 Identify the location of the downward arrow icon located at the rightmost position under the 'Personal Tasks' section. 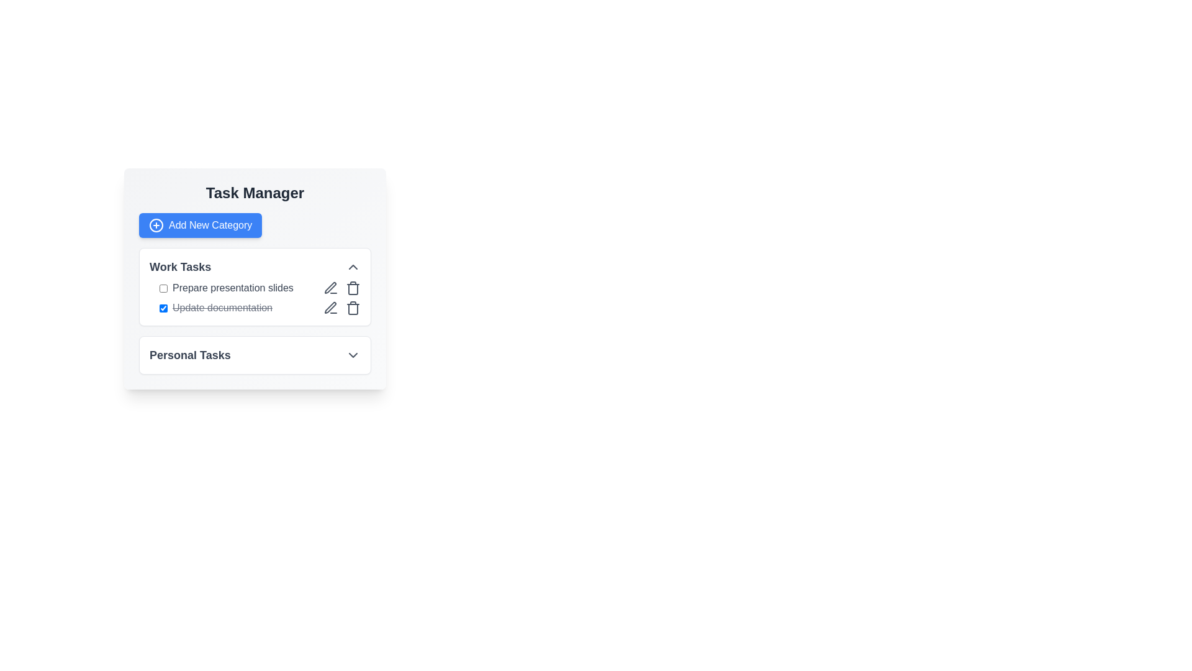
(353, 355).